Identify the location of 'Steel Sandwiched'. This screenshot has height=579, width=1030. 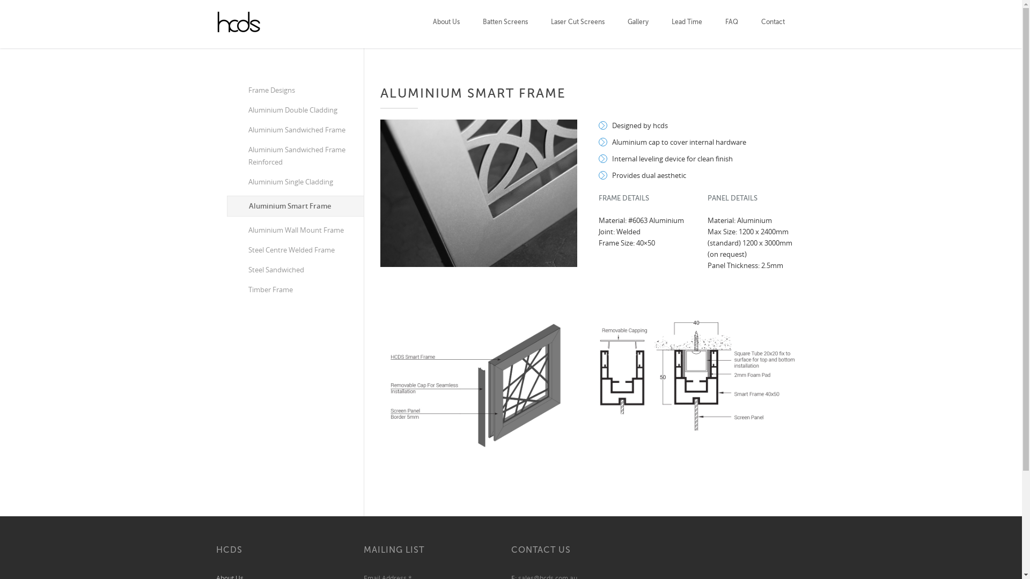
(295, 269).